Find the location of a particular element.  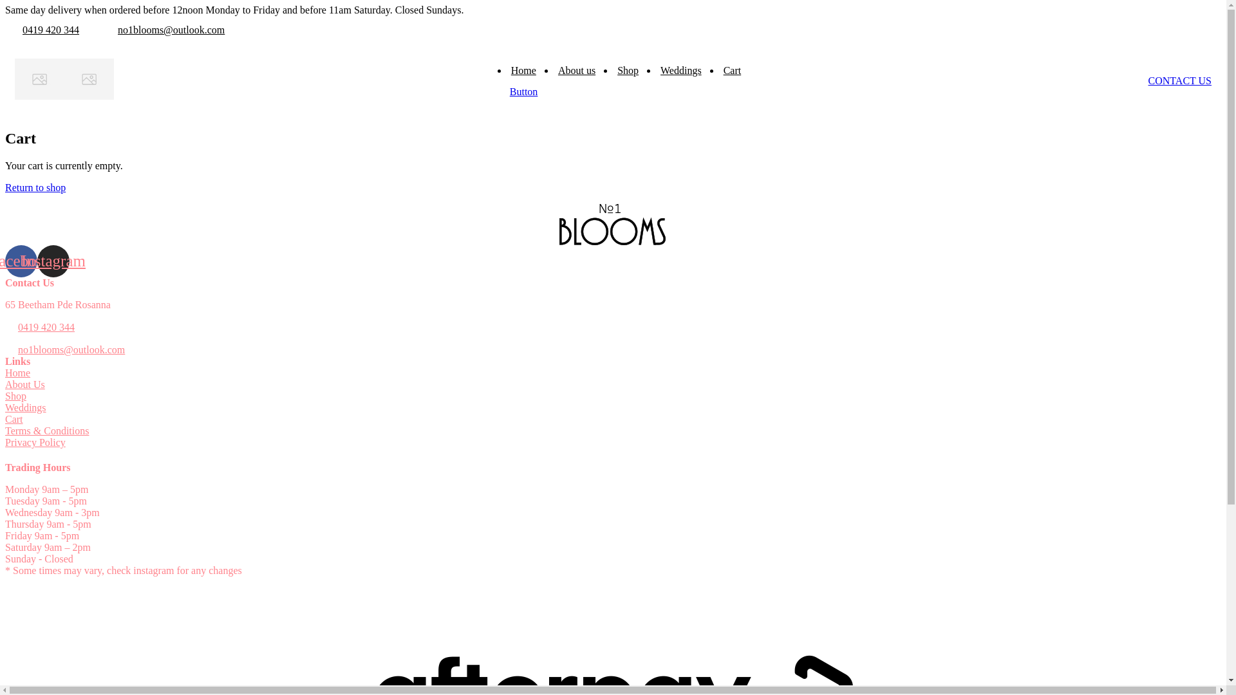

'Button' is located at coordinates (524, 91).